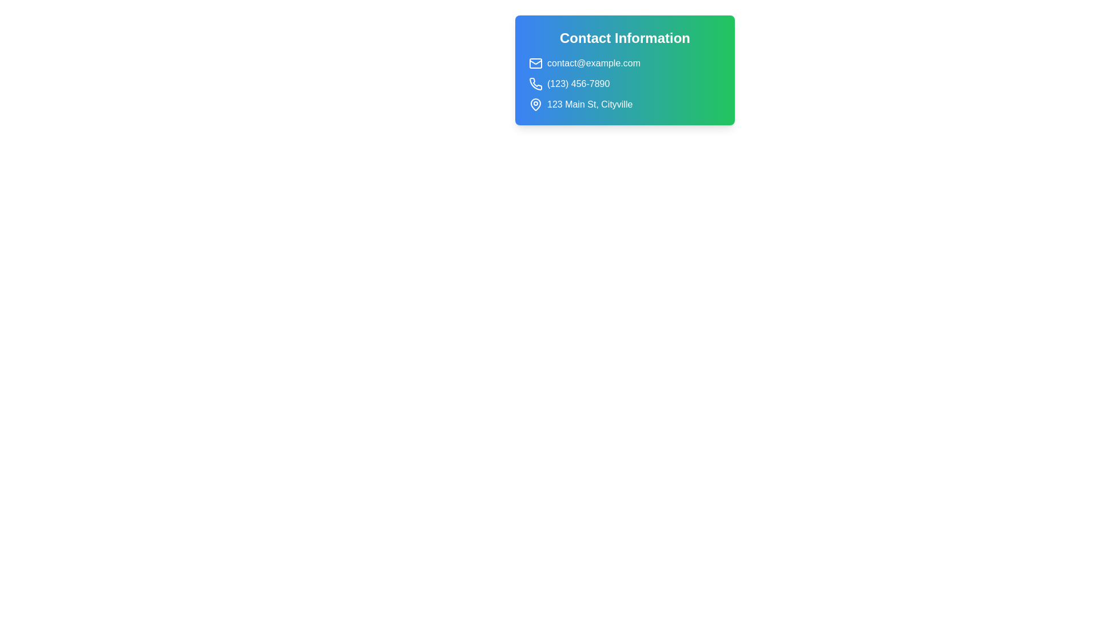 This screenshot has height=618, width=1098. Describe the element at coordinates (535, 83) in the screenshot. I see `label associated with the phone handset icon located to the left of the phone number '(123) 456-7890' in the contact information card` at that location.